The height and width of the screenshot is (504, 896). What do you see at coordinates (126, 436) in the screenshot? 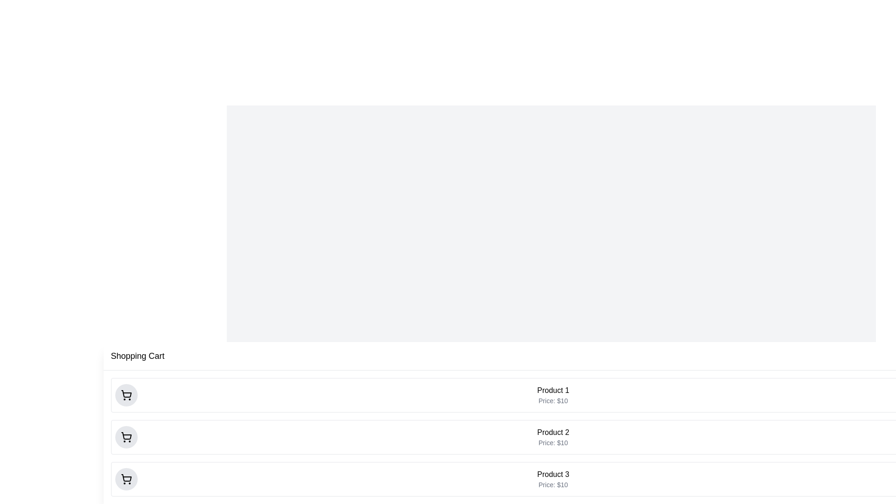
I see `the shopping cart icon representing the second product in the shopping cart summary list` at bounding box center [126, 436].